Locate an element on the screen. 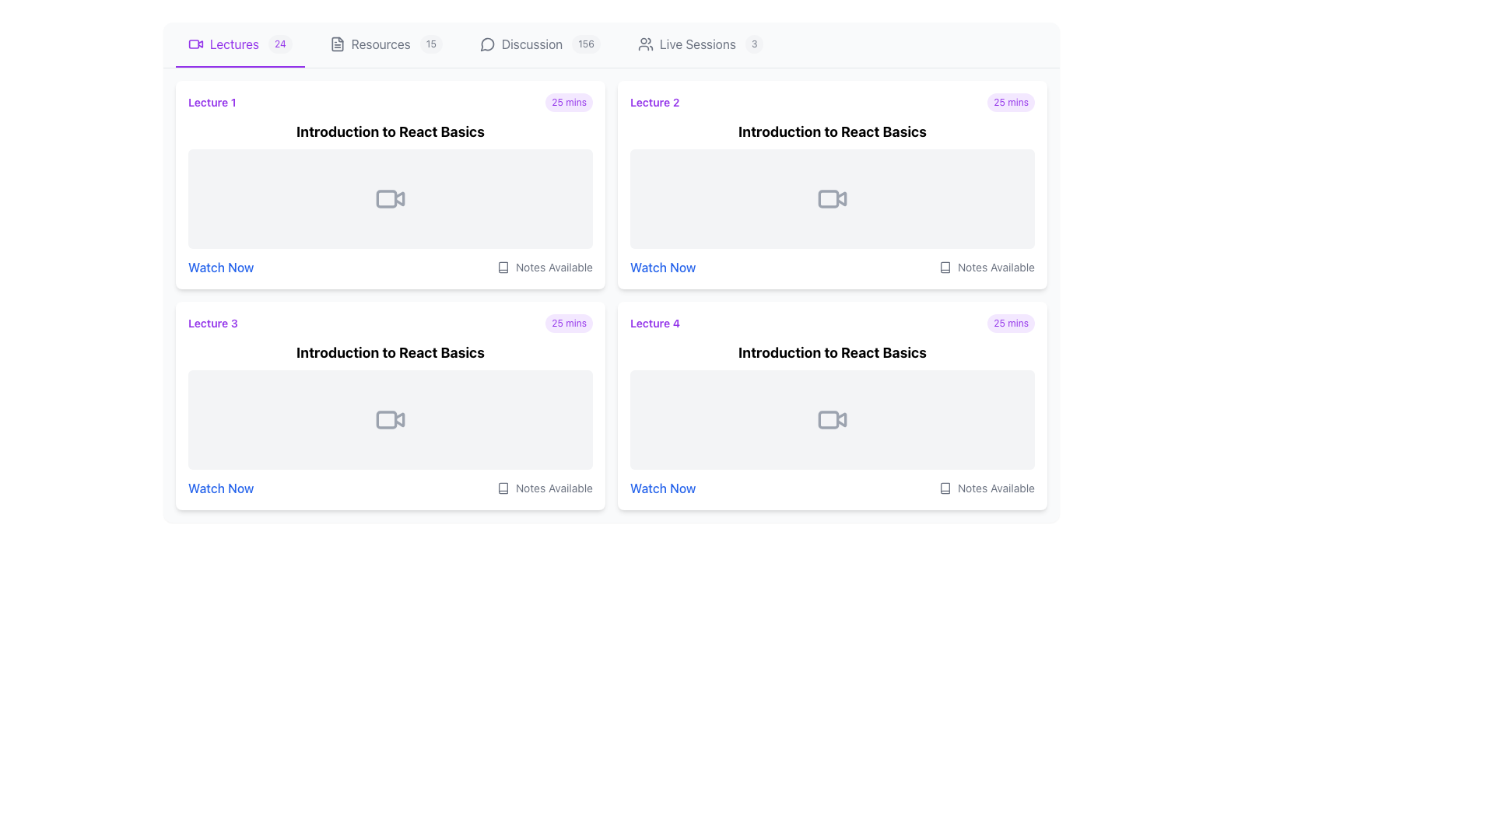 The width and height of the screenshot is (1494, 840). the informational label with an icon resembling a closed book and the text 'Notes Available' located in the bottom-right corner of the third card in a 2x2 grid layout is located at coordinates (545, 488).